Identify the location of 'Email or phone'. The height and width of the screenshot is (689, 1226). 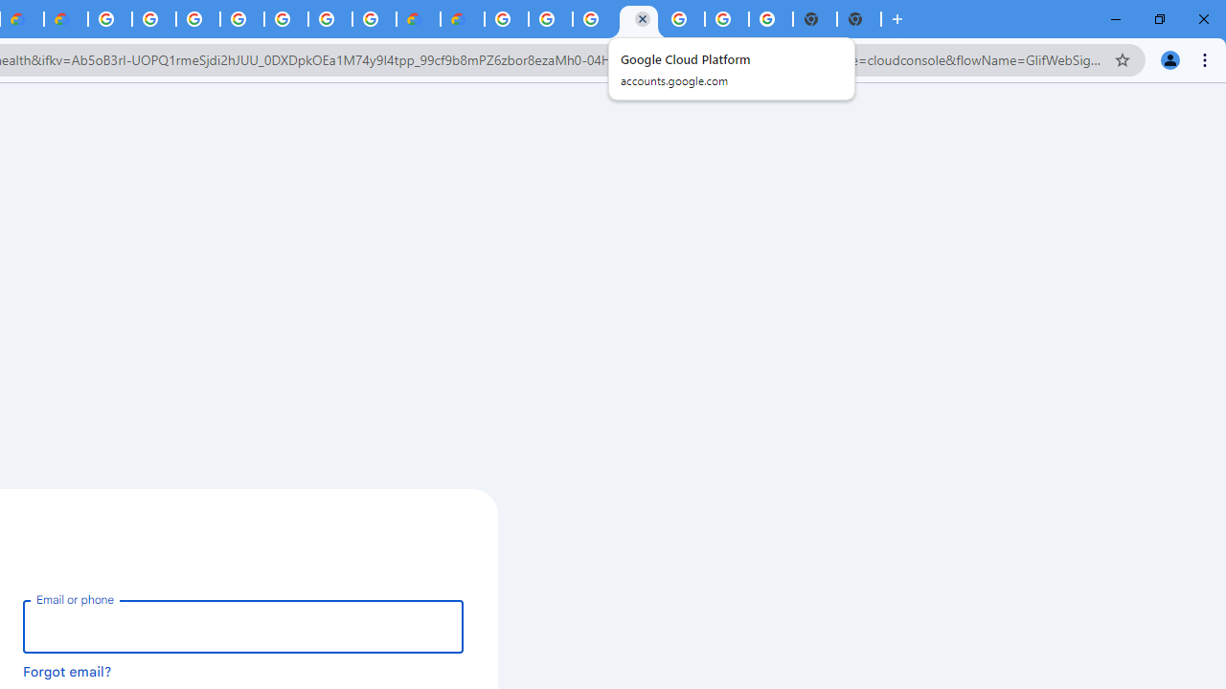
(242, 626).